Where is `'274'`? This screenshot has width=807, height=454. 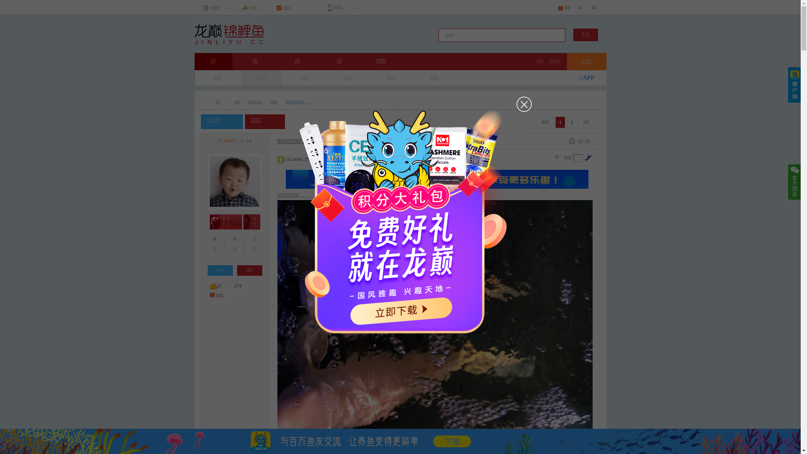 '274' is located at coordinates (237, 285).